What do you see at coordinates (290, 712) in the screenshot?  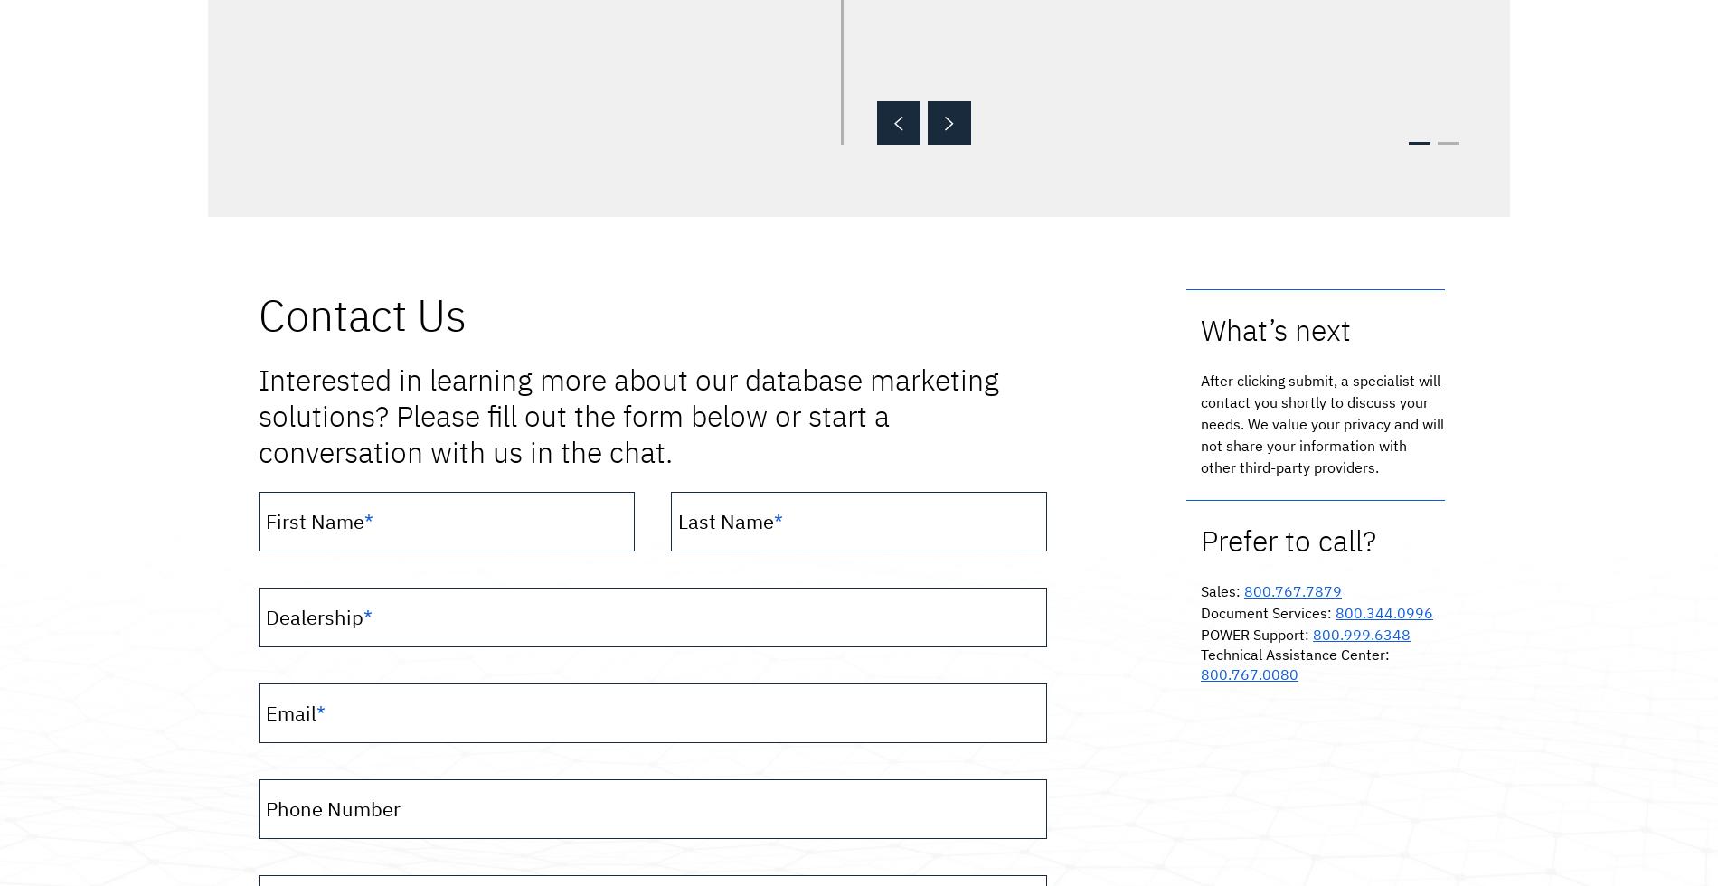 I see `'Email'` at bounding box center [290, 712].